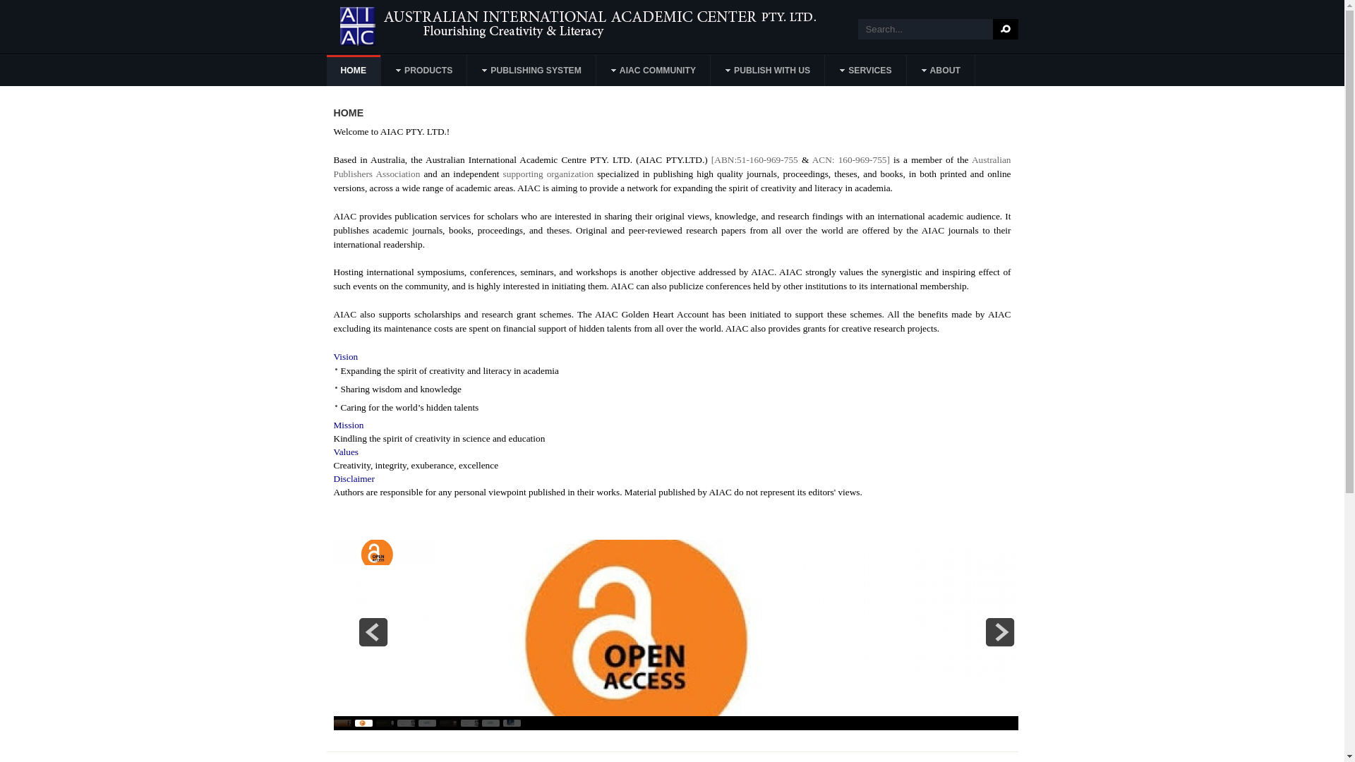 The height and width of the screenshot is (762, 1355). What do you see at coordinates (570, 173) in the screenshot?
I see `'organization'` at bounding box center [570, 173].